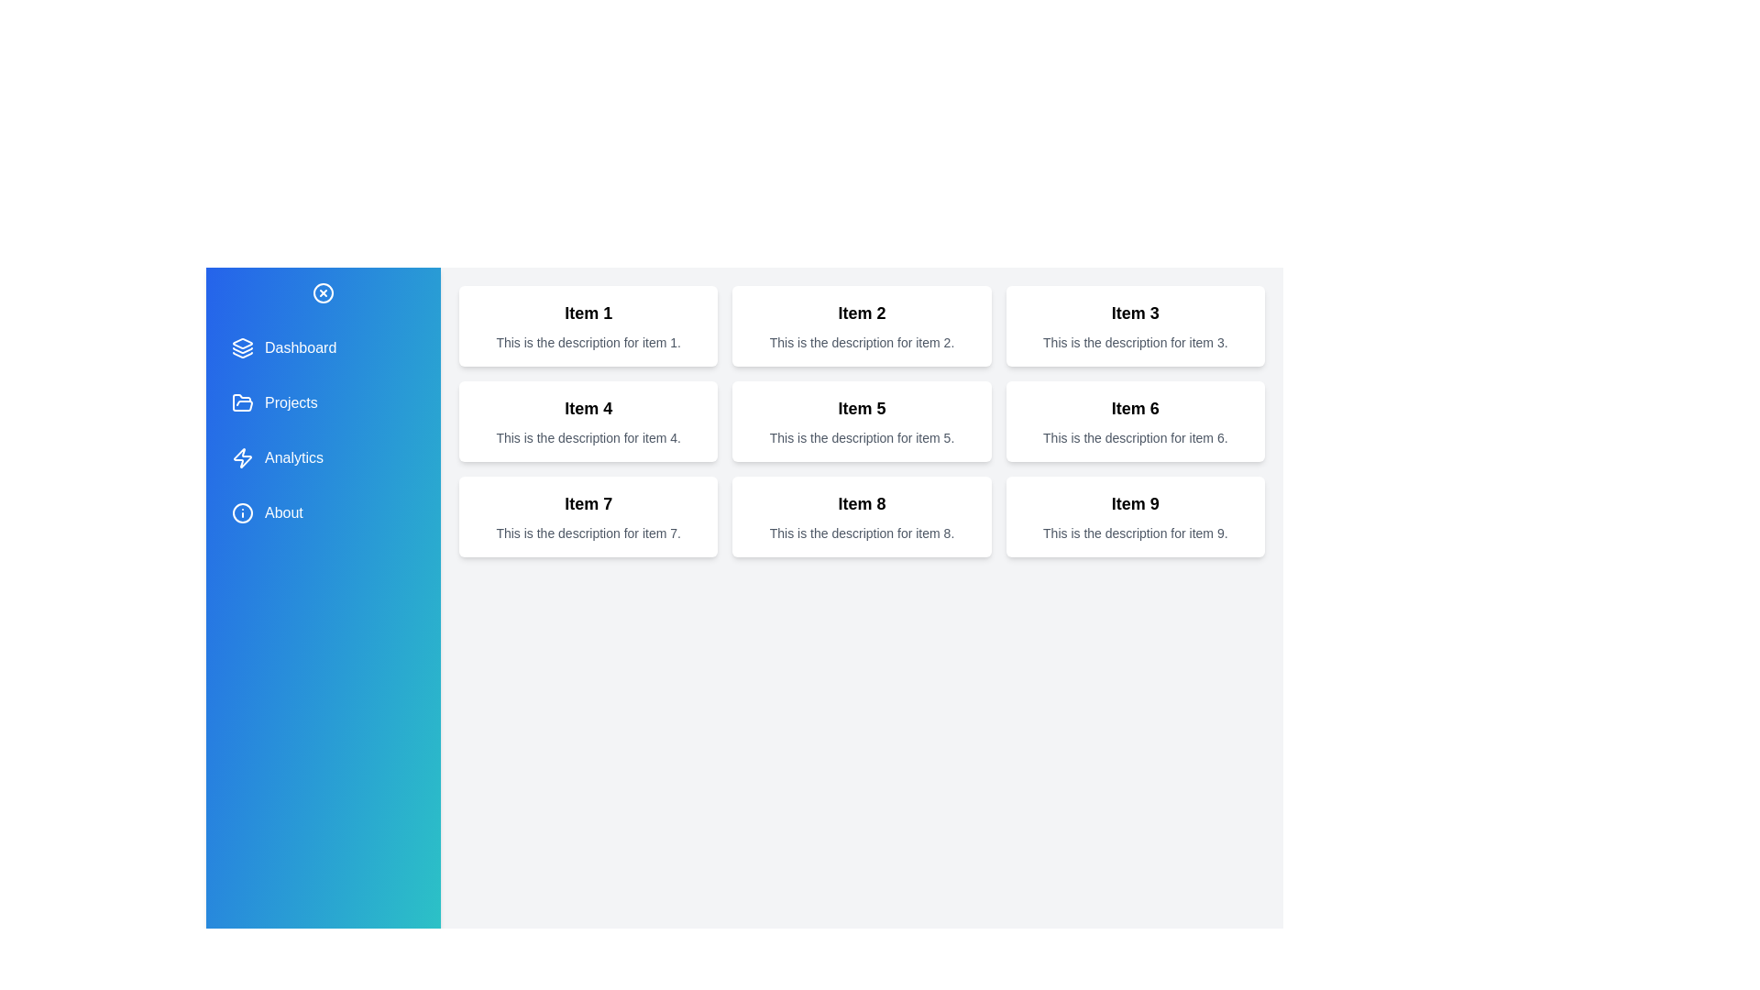  I want to click on the menu item 'Dashboard' to observe its hover effect, so click(324, 348).